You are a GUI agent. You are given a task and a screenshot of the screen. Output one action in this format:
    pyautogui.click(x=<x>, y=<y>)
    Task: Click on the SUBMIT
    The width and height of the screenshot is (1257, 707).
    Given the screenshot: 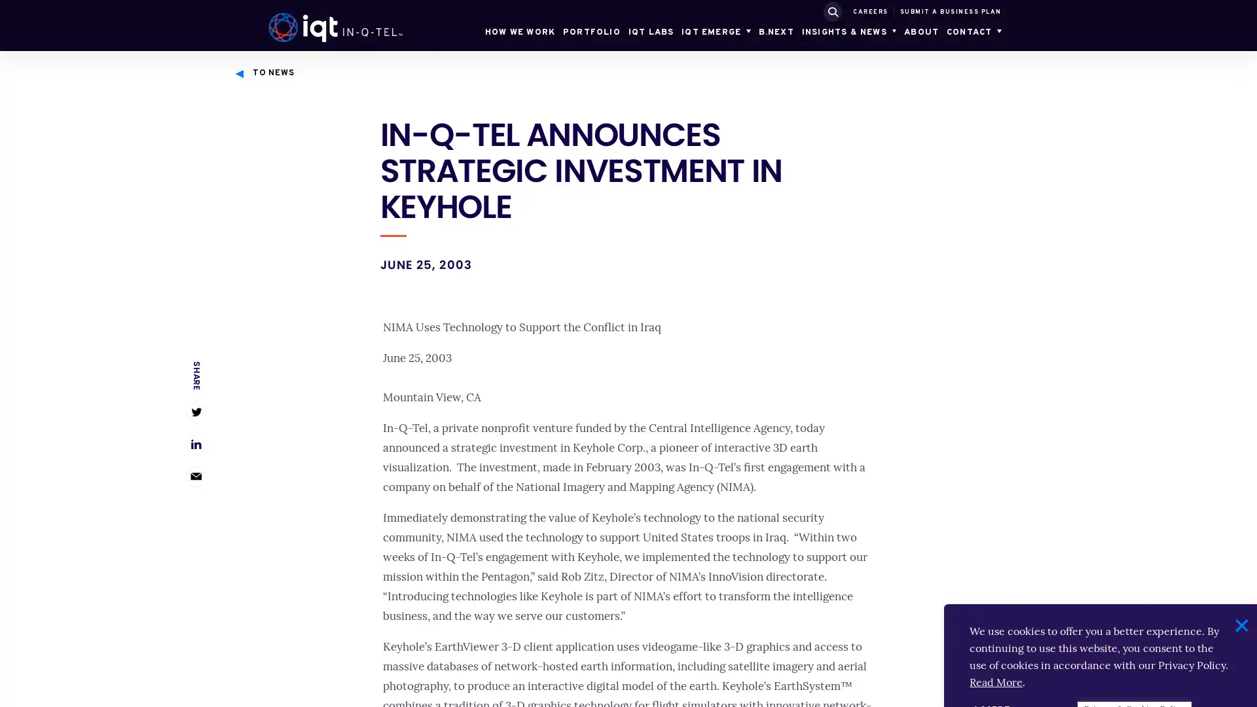 What is the action you would take?
    pyautogui.click(x=831, y=11)
    